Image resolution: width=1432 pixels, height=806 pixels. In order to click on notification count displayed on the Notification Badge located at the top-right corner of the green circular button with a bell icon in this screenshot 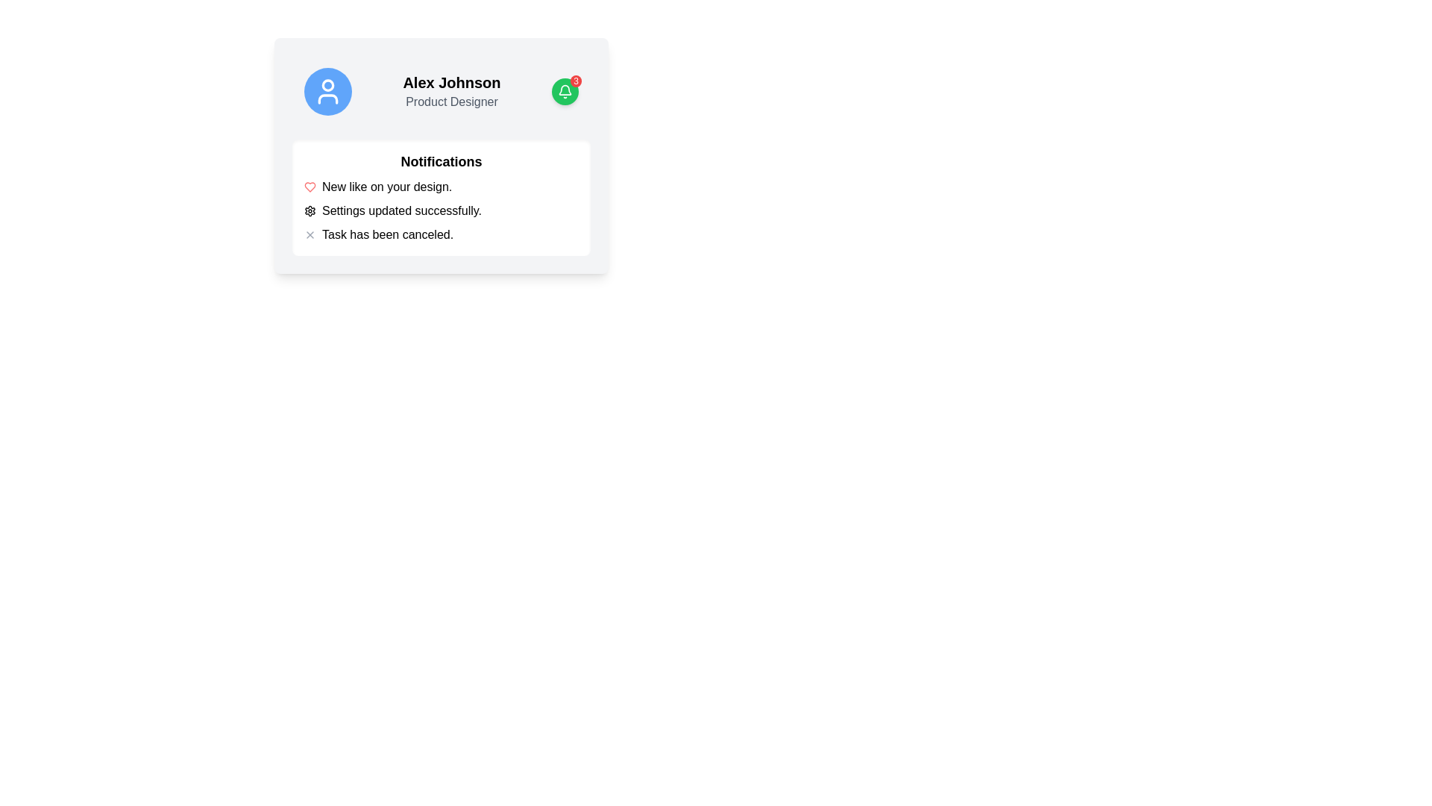, I will do `click(575, 81)`.